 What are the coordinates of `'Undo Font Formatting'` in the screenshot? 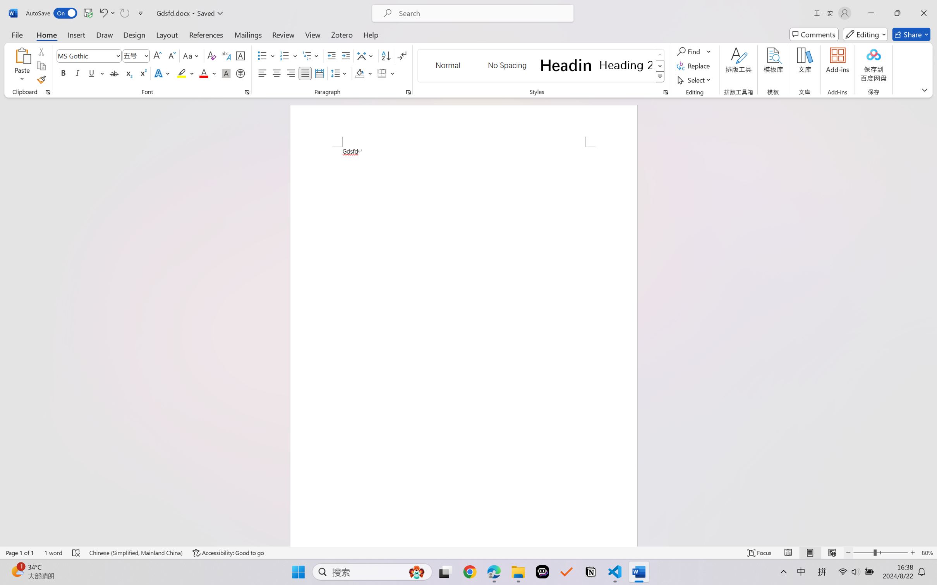 It's located at (103, 13).